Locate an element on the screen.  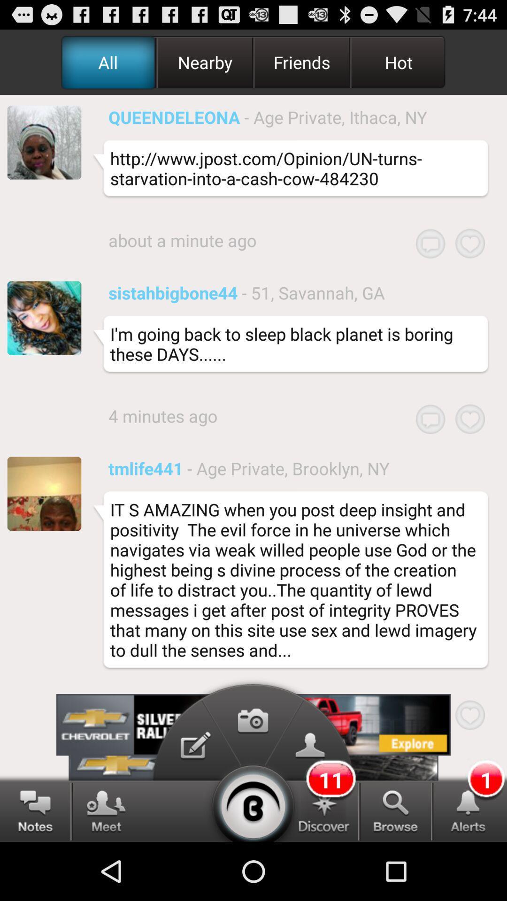
the search icon is located at coordinates (396, 867).